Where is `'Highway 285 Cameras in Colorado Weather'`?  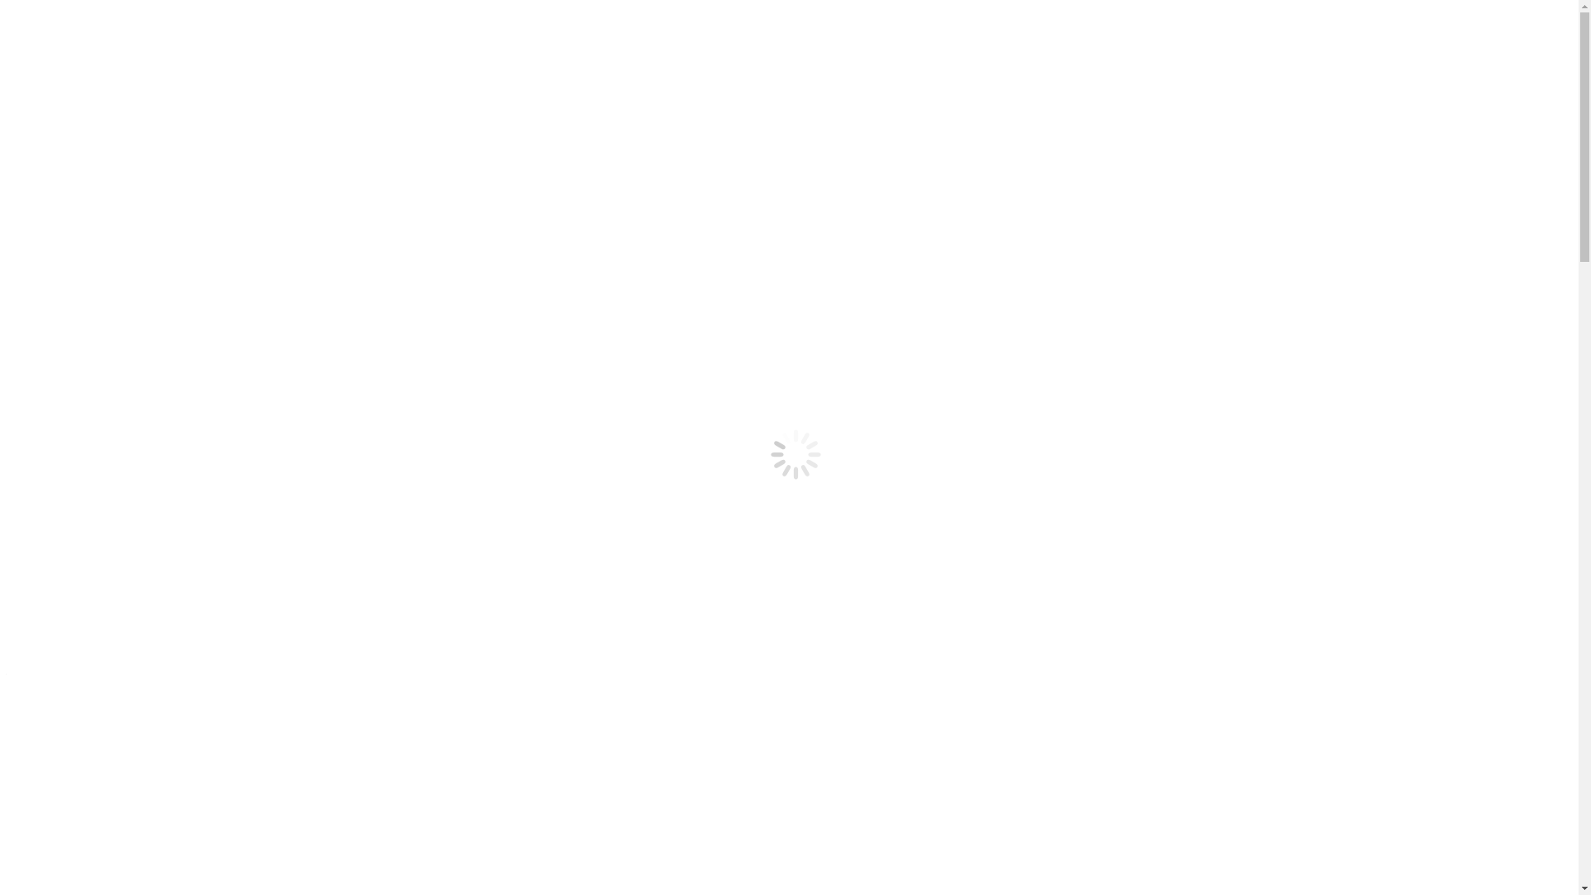
'Highway 285 Cameras in Colorado Weather' is located at coordinates (40, 268).